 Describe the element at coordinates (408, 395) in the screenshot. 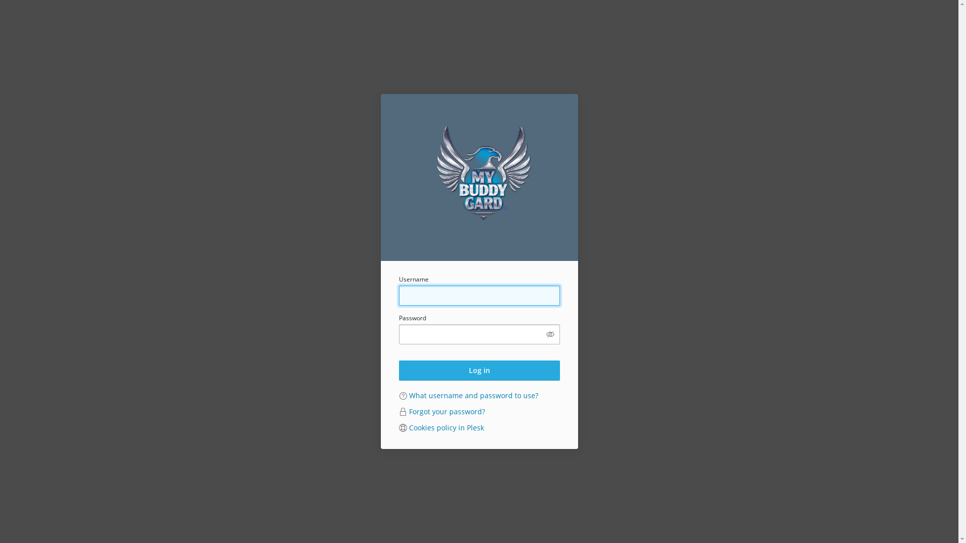

I see `'What username and password to use?'` at that location.